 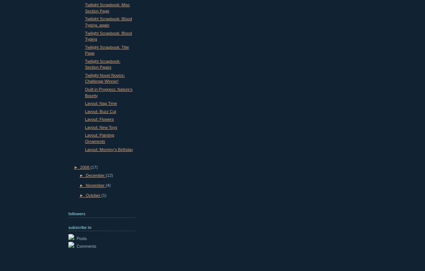 I want to click on 'Layout: Painting Ornaments', so click(x=99, y=137).